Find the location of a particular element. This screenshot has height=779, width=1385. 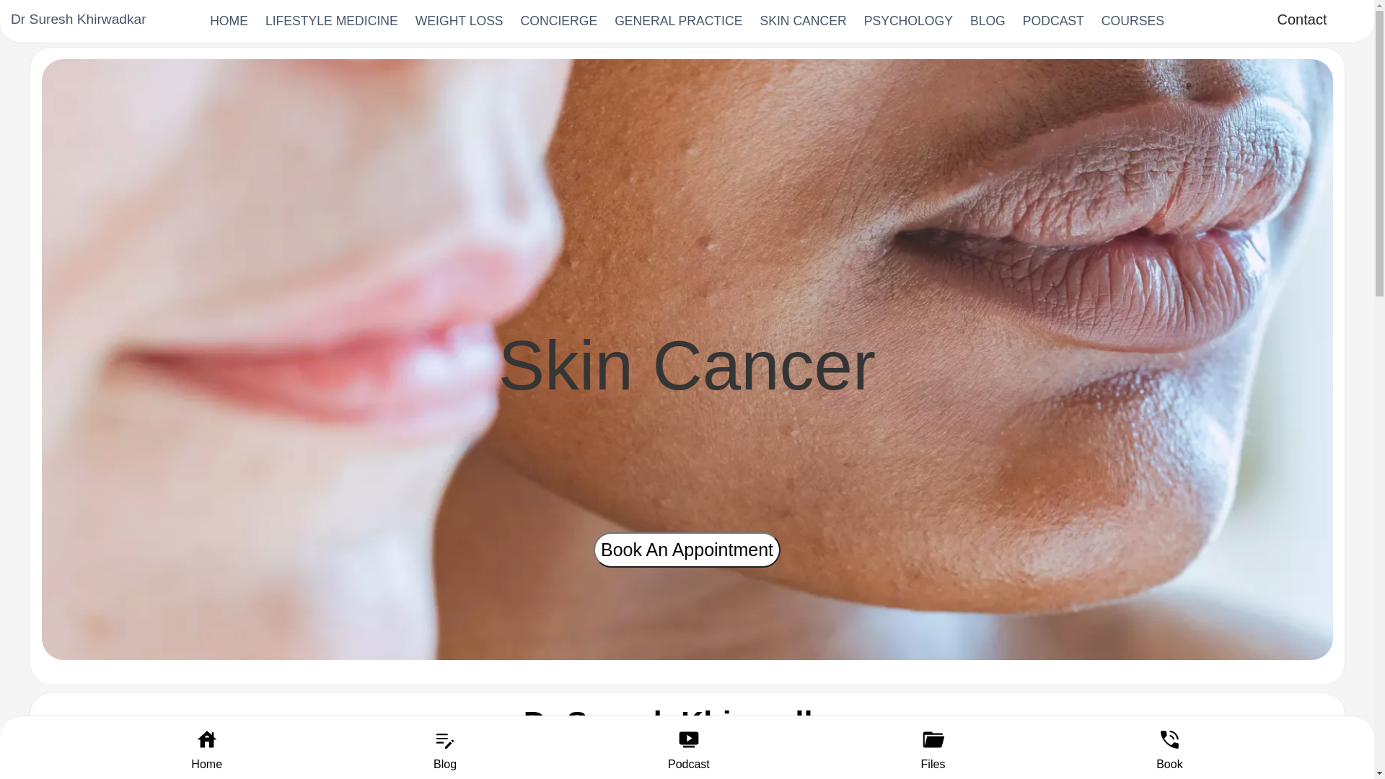

'GENERAL PRACTICE' is located at coordinates (677, 21).